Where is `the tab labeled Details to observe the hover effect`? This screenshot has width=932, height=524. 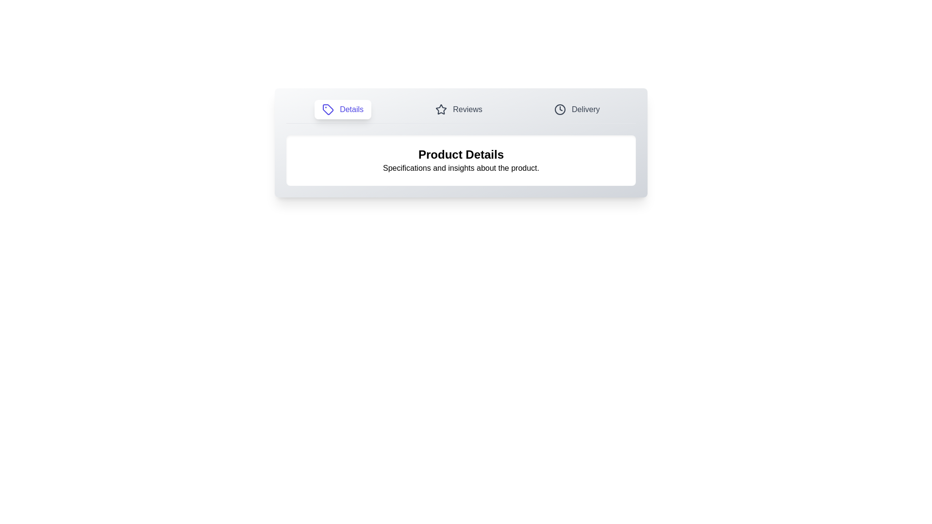
the tab labeled Details to observe the hover effect is located at coordinates (342, 109).